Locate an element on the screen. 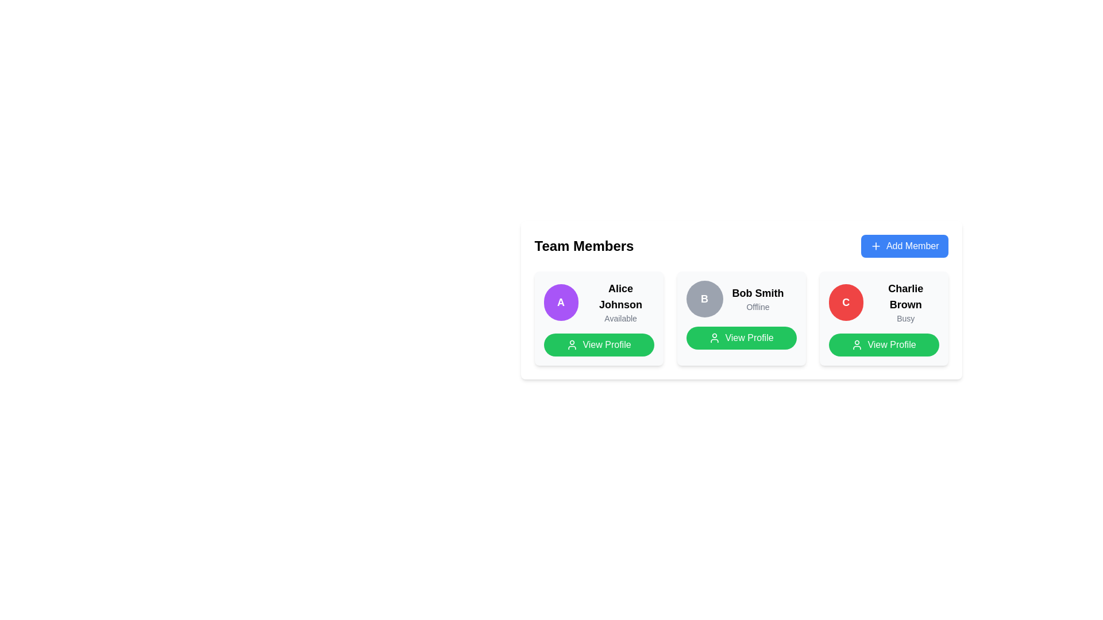  text displayed in the Text Label that shows the user's name and status, located at the top of a card-like structure next to a circular avatar with a purple background and the letter 'A' in white is located at coordinates (620, 302).